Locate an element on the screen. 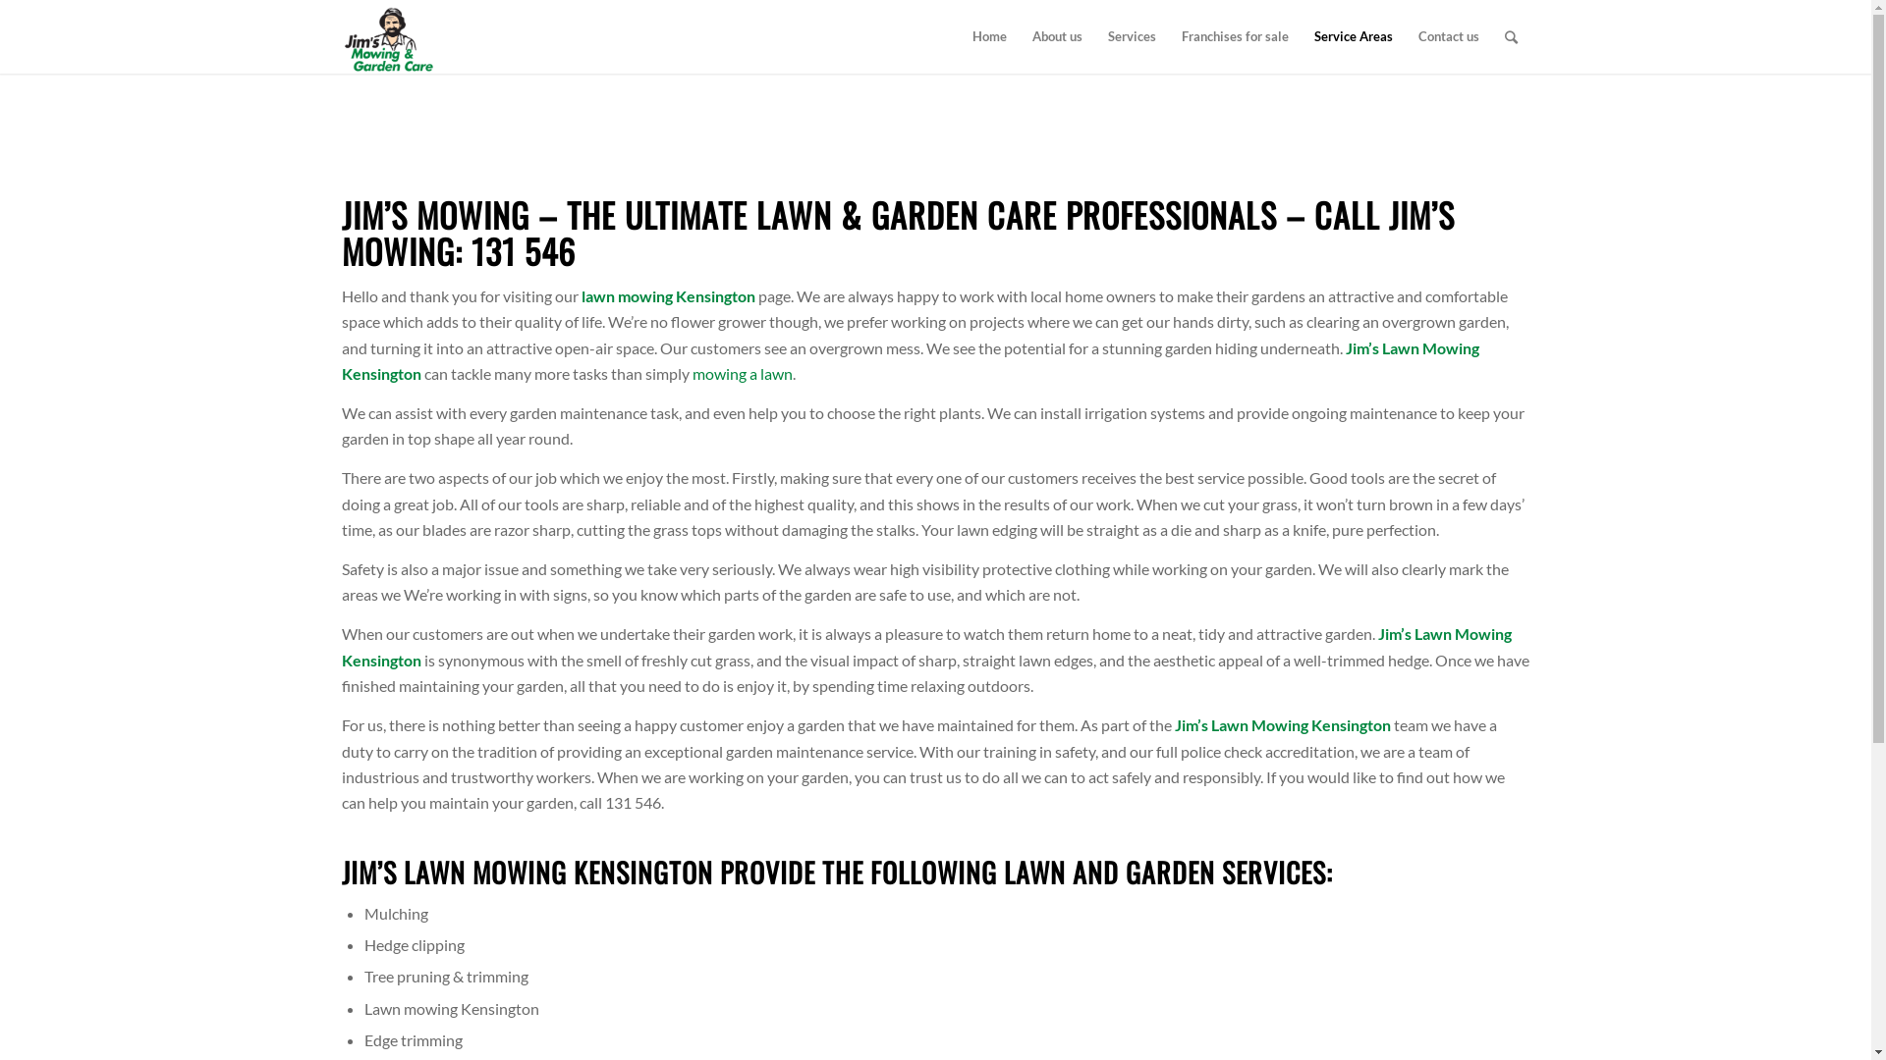  'Service Areas' is located at coordinates (1352, 36).